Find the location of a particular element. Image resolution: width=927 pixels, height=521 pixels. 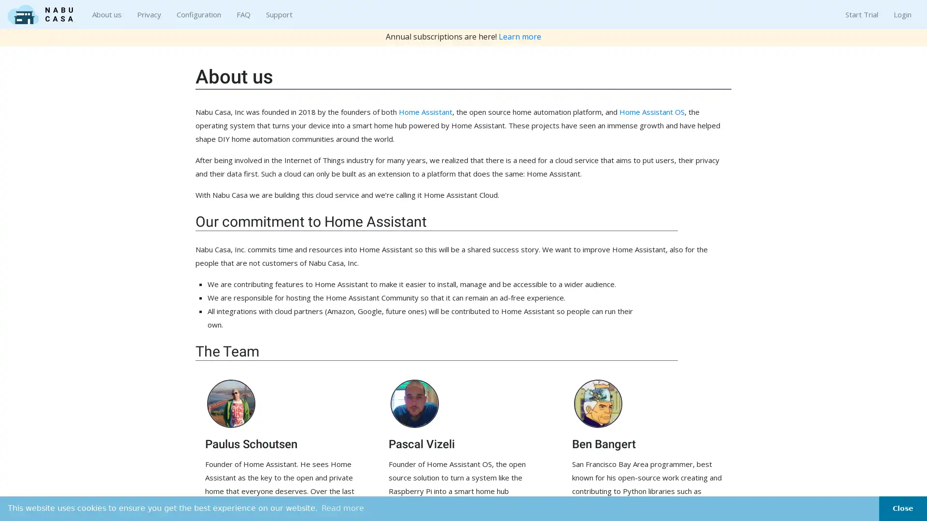

learn more about cookies is located at coordinates (343, 507).